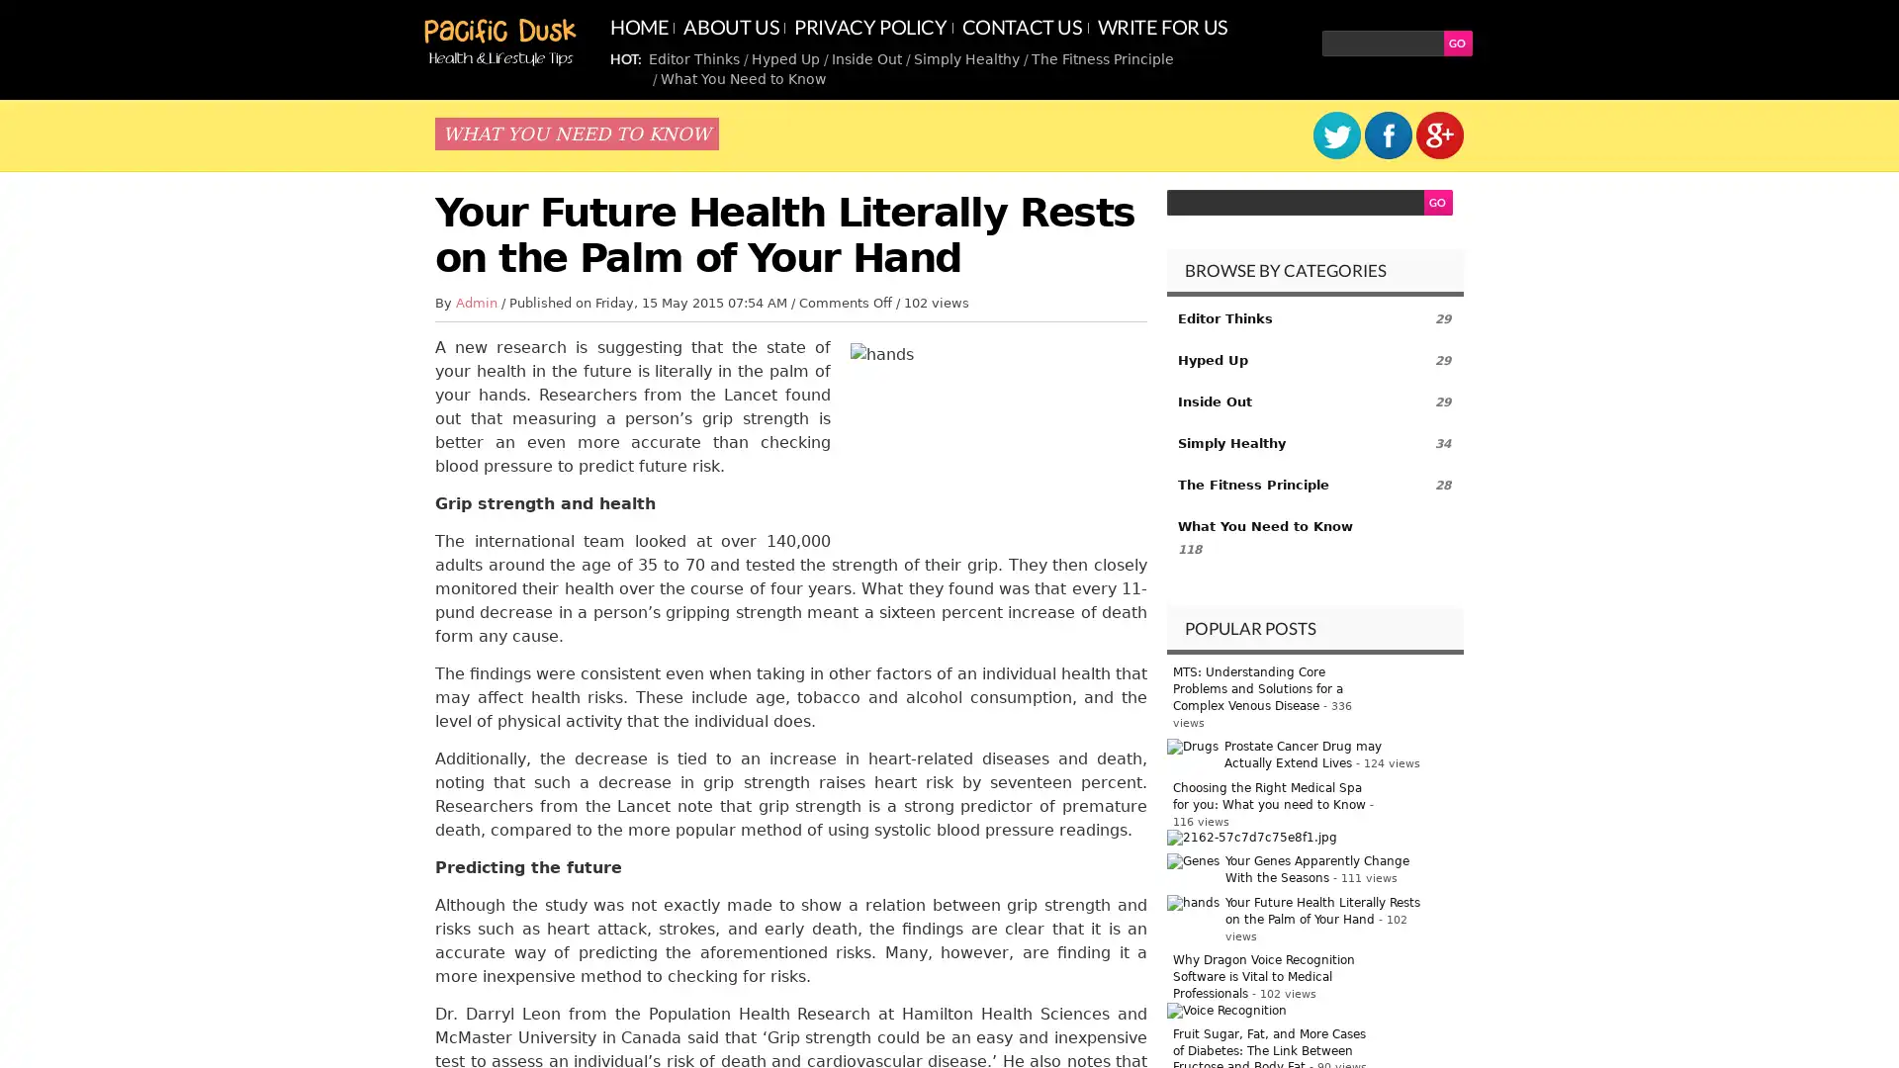  I want to click on GO, so click(1438, 202).